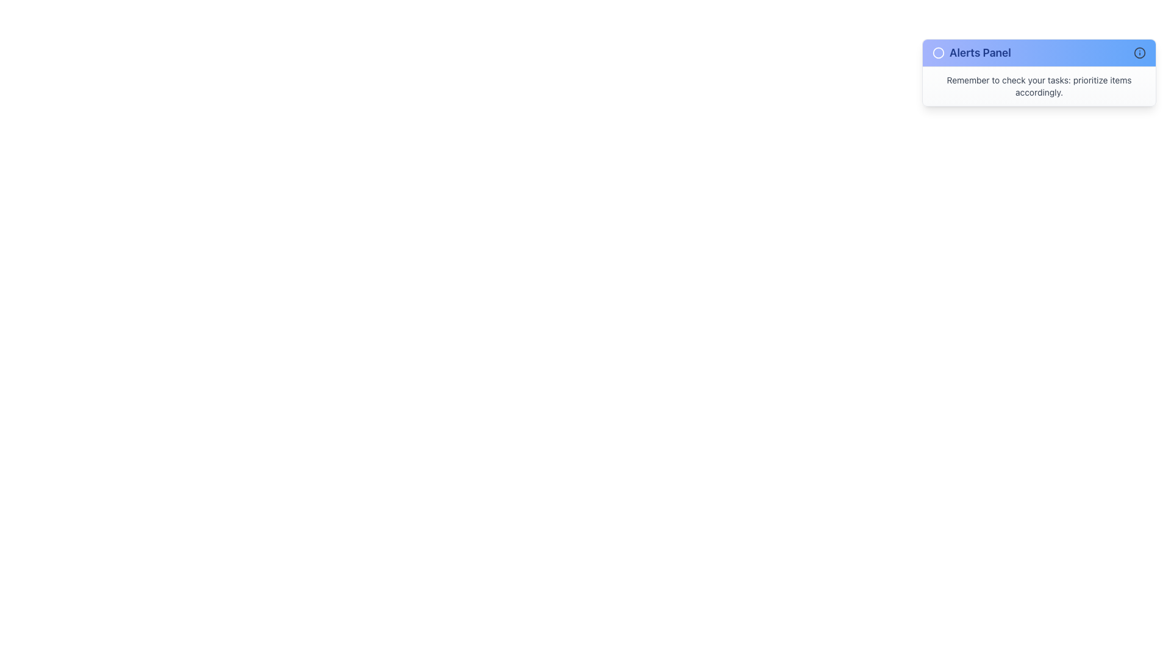  I want to click on the text 'Alerts Panel' in the blue gradient header bar, so click(971, 52).